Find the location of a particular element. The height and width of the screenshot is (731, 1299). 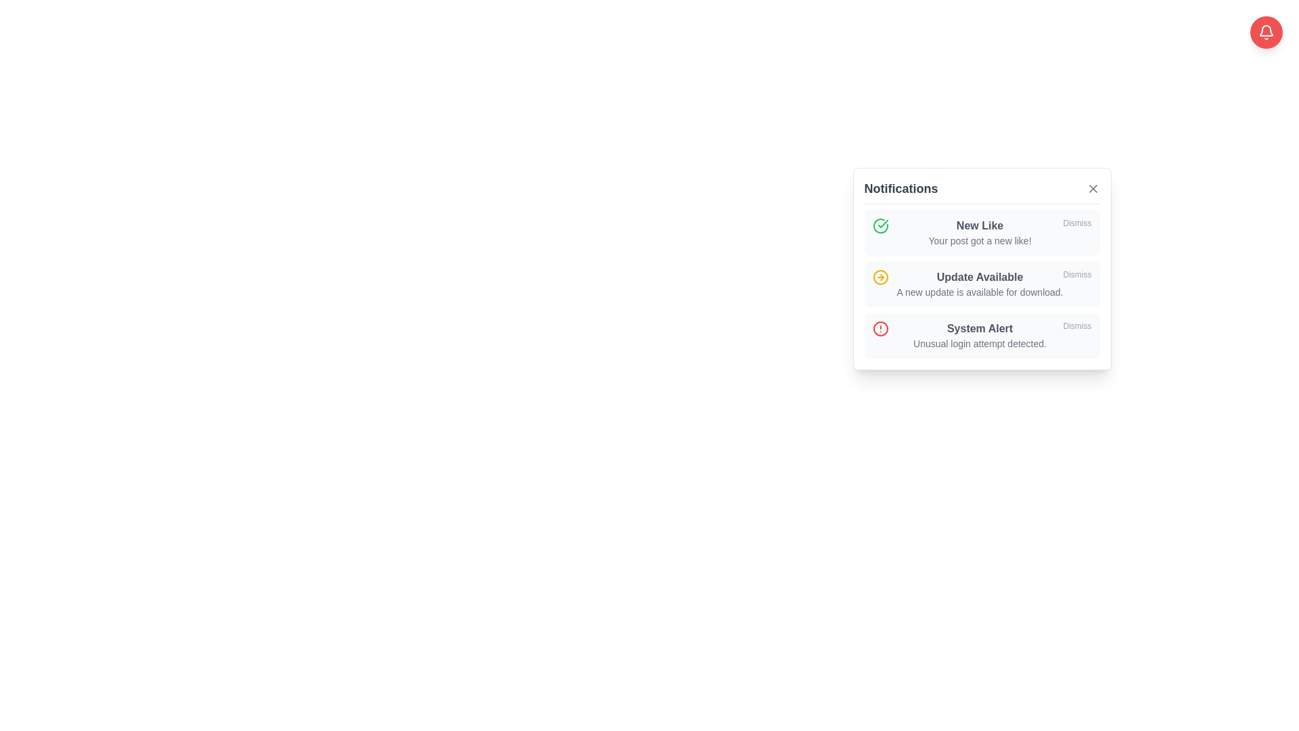

the second notification item which displays the message 'Update Available' is located at coordinates (980, 284).